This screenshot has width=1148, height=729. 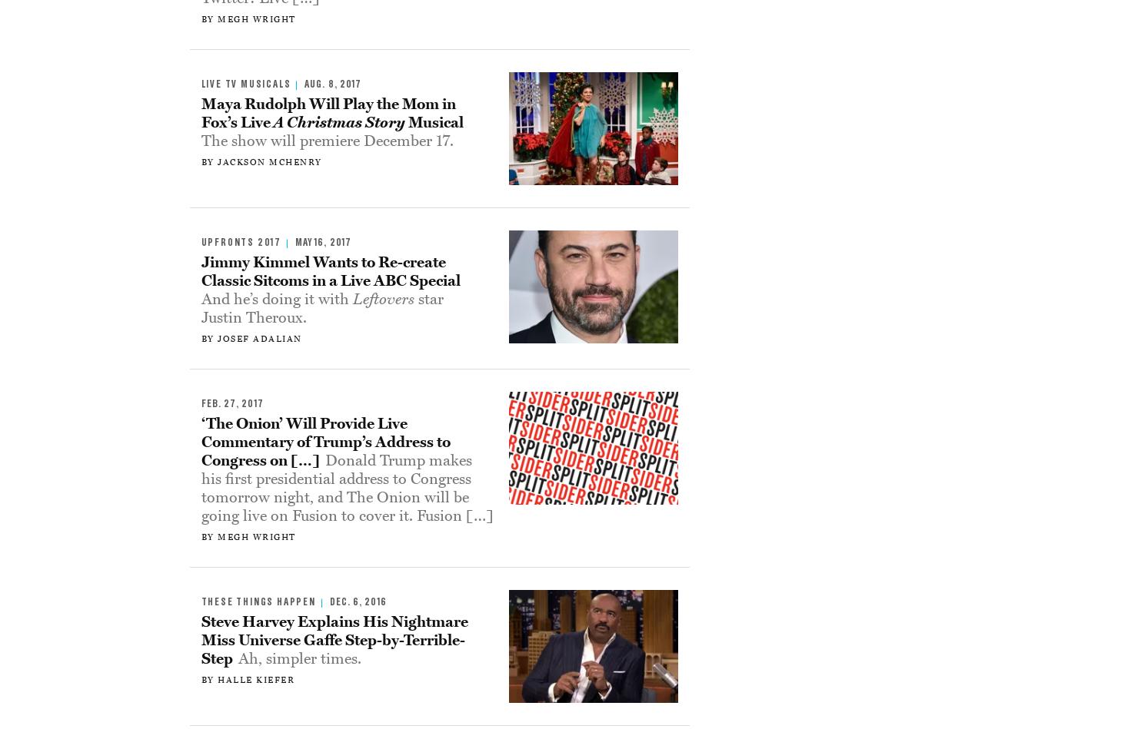 I want to click on 'Maya Rudolph Will Play the Mom in Fox’s Live', so click(x=328, y=113).